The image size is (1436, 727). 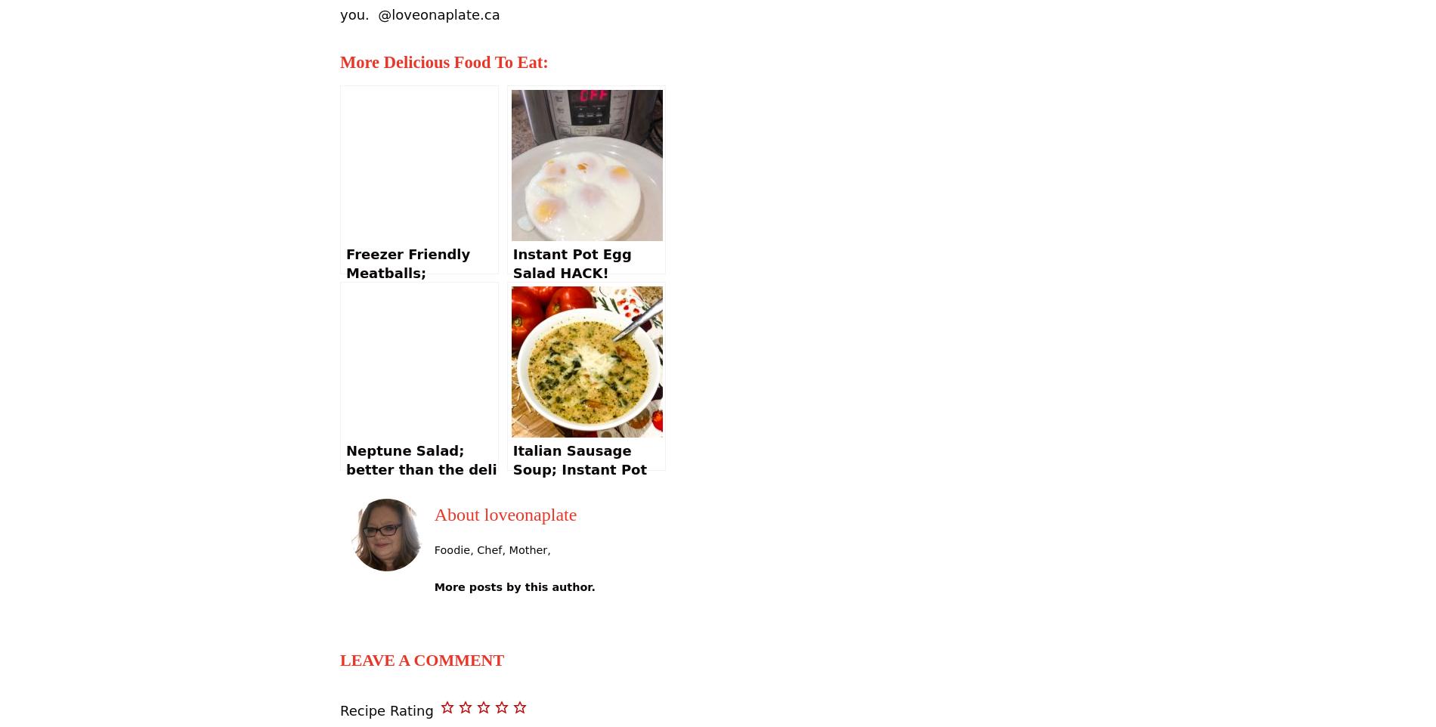 I want to click on 'Freezer Friendly Meatballs; Homemade from Scratch', so click(x=345, y=282).